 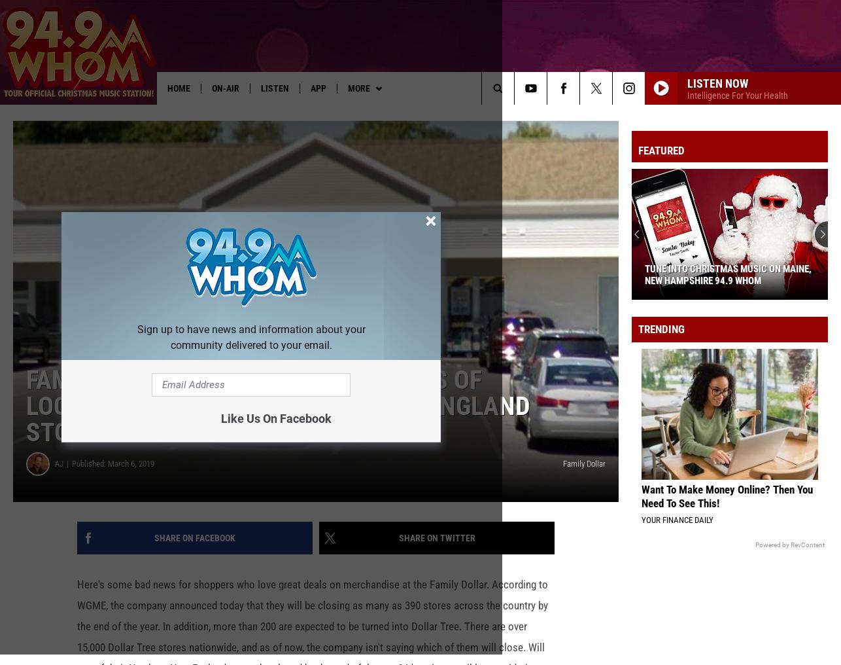 I want to click on 'Tune into Christmas Music on Maine, New Hampshire 94.9 WHOM', so click(x=644, y=296).